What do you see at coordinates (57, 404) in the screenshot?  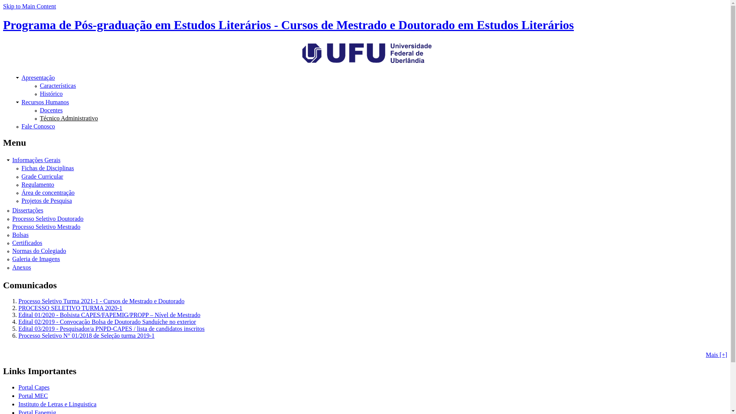 I see `'Instituto de Letras e Linguistica'` at bounding box center [57, 404].